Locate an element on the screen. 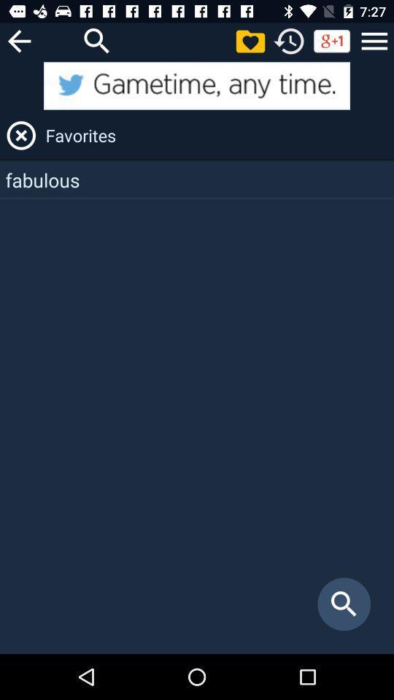 The height and width of the screenshot is (700, 394). the item next to favorites is located at coordinates (20, 136).